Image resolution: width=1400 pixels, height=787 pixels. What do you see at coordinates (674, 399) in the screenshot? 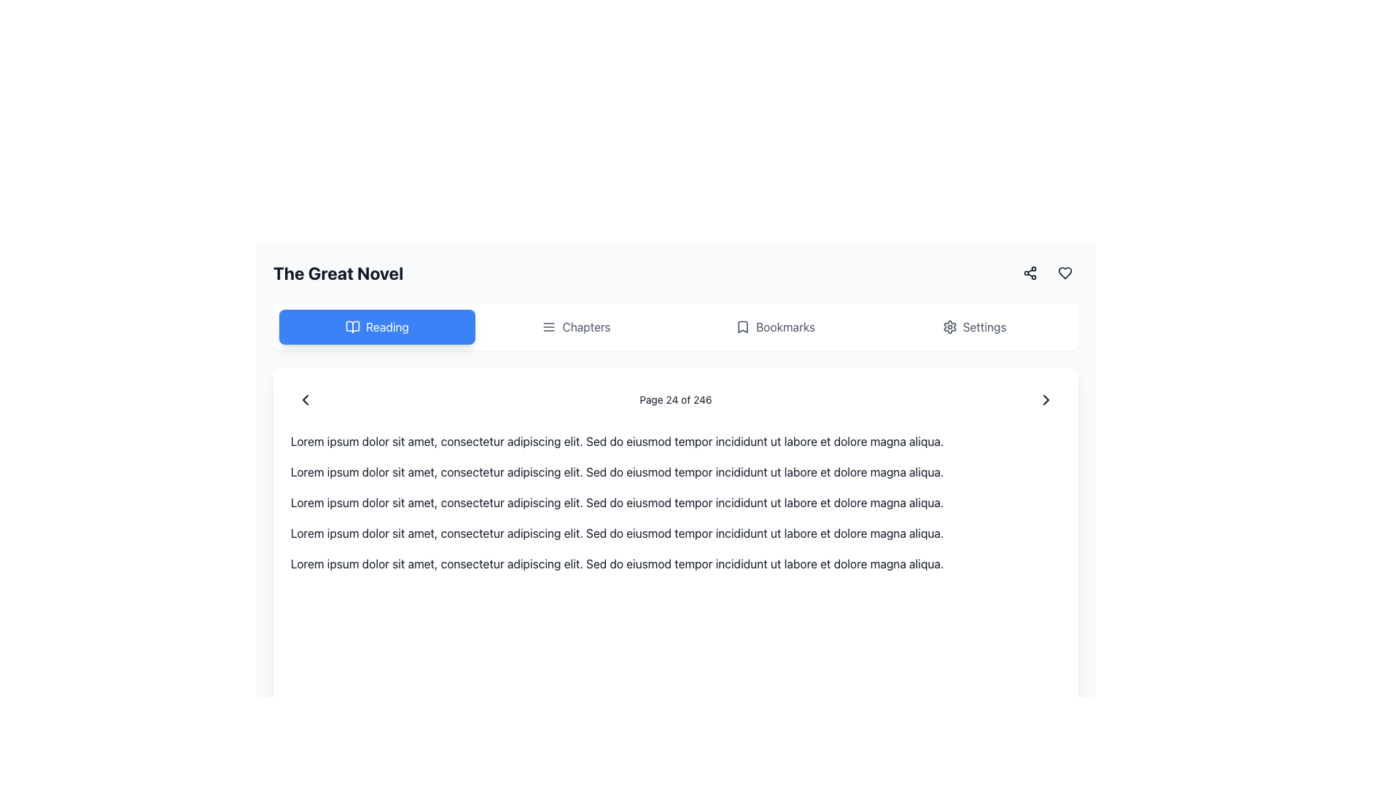
I see `the Text display element that shows the current page index and total page count, located in the navigation bar near the top of the main content area` at bounding box center [674, 399].